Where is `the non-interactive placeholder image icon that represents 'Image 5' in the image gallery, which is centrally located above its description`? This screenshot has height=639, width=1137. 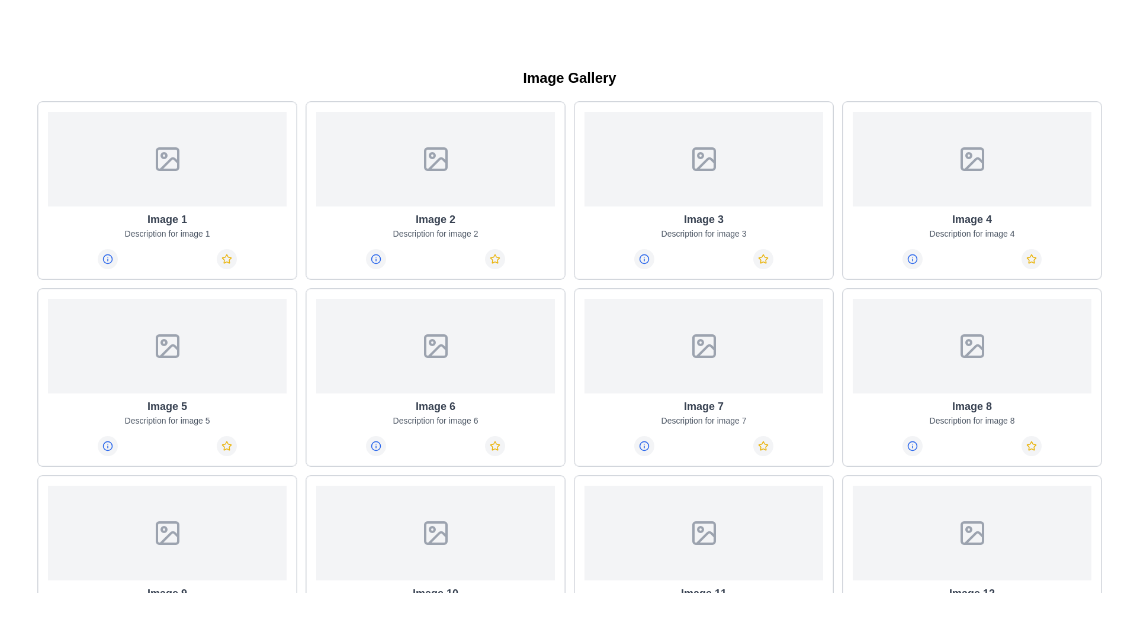
the non-interactive placeholder image icon that represents 'Image 5' in the image gallery, which is centrally located above its description is located at coordinates (166, 346).